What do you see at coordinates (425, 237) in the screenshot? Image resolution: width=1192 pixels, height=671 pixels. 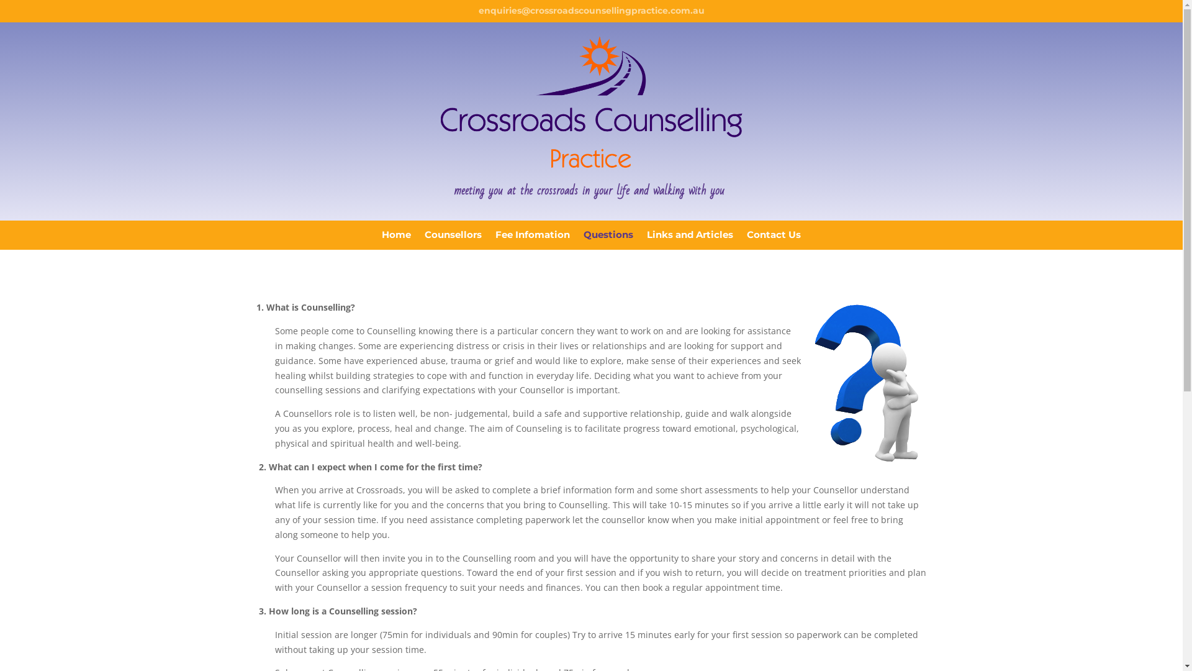 I see `'Counsellors'` at bounding box center [425, 237].